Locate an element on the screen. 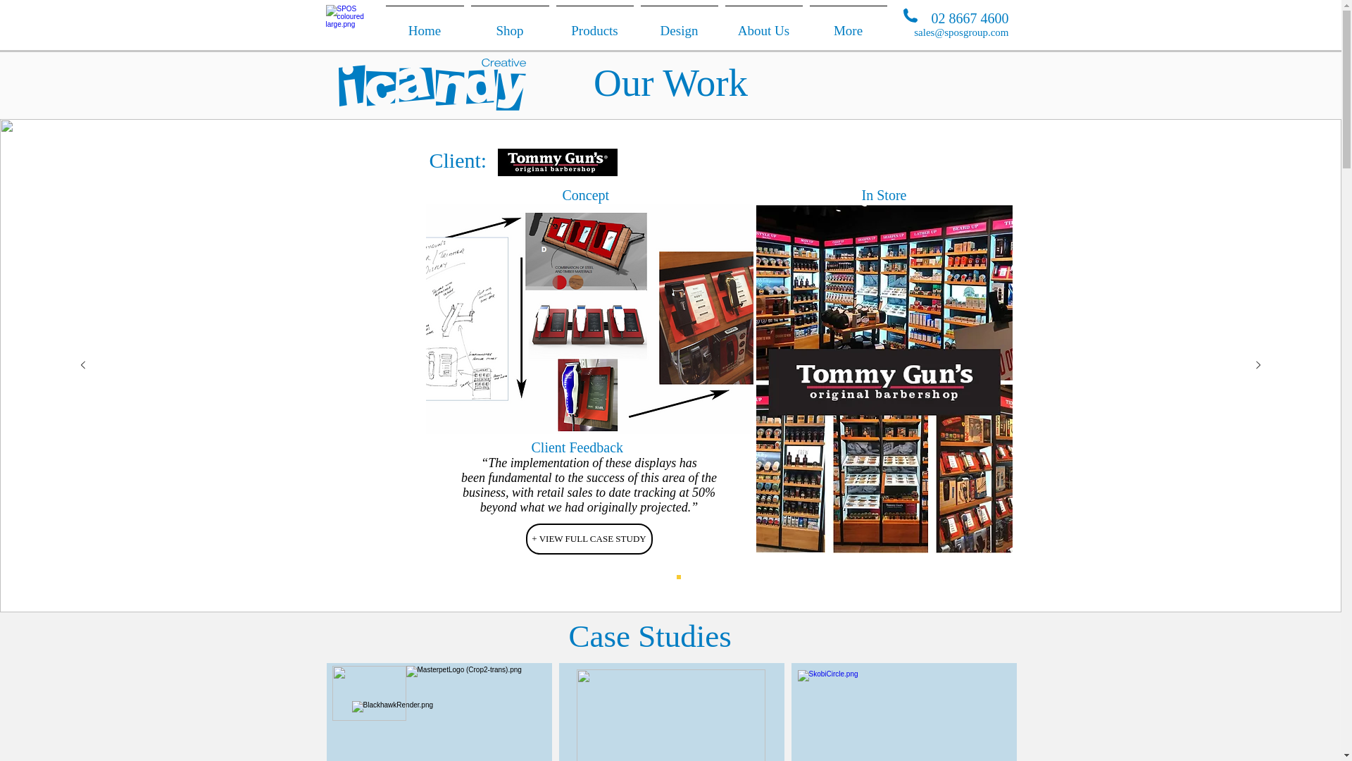 Image resolution: width=1352 pixels, height=761 pixels. 'Design' is located at coordinates (679, 24).